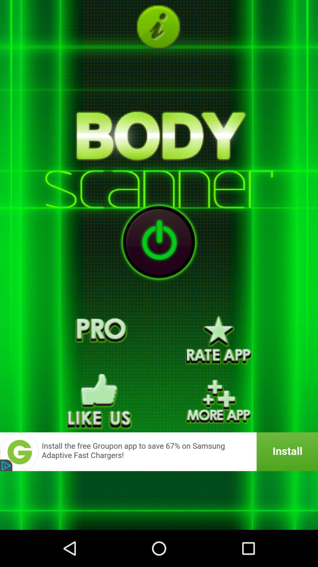  What do you see at coordinates (159, 451) in the screenshot?
I see `banner advertisement` at bounding box center [159, 451].